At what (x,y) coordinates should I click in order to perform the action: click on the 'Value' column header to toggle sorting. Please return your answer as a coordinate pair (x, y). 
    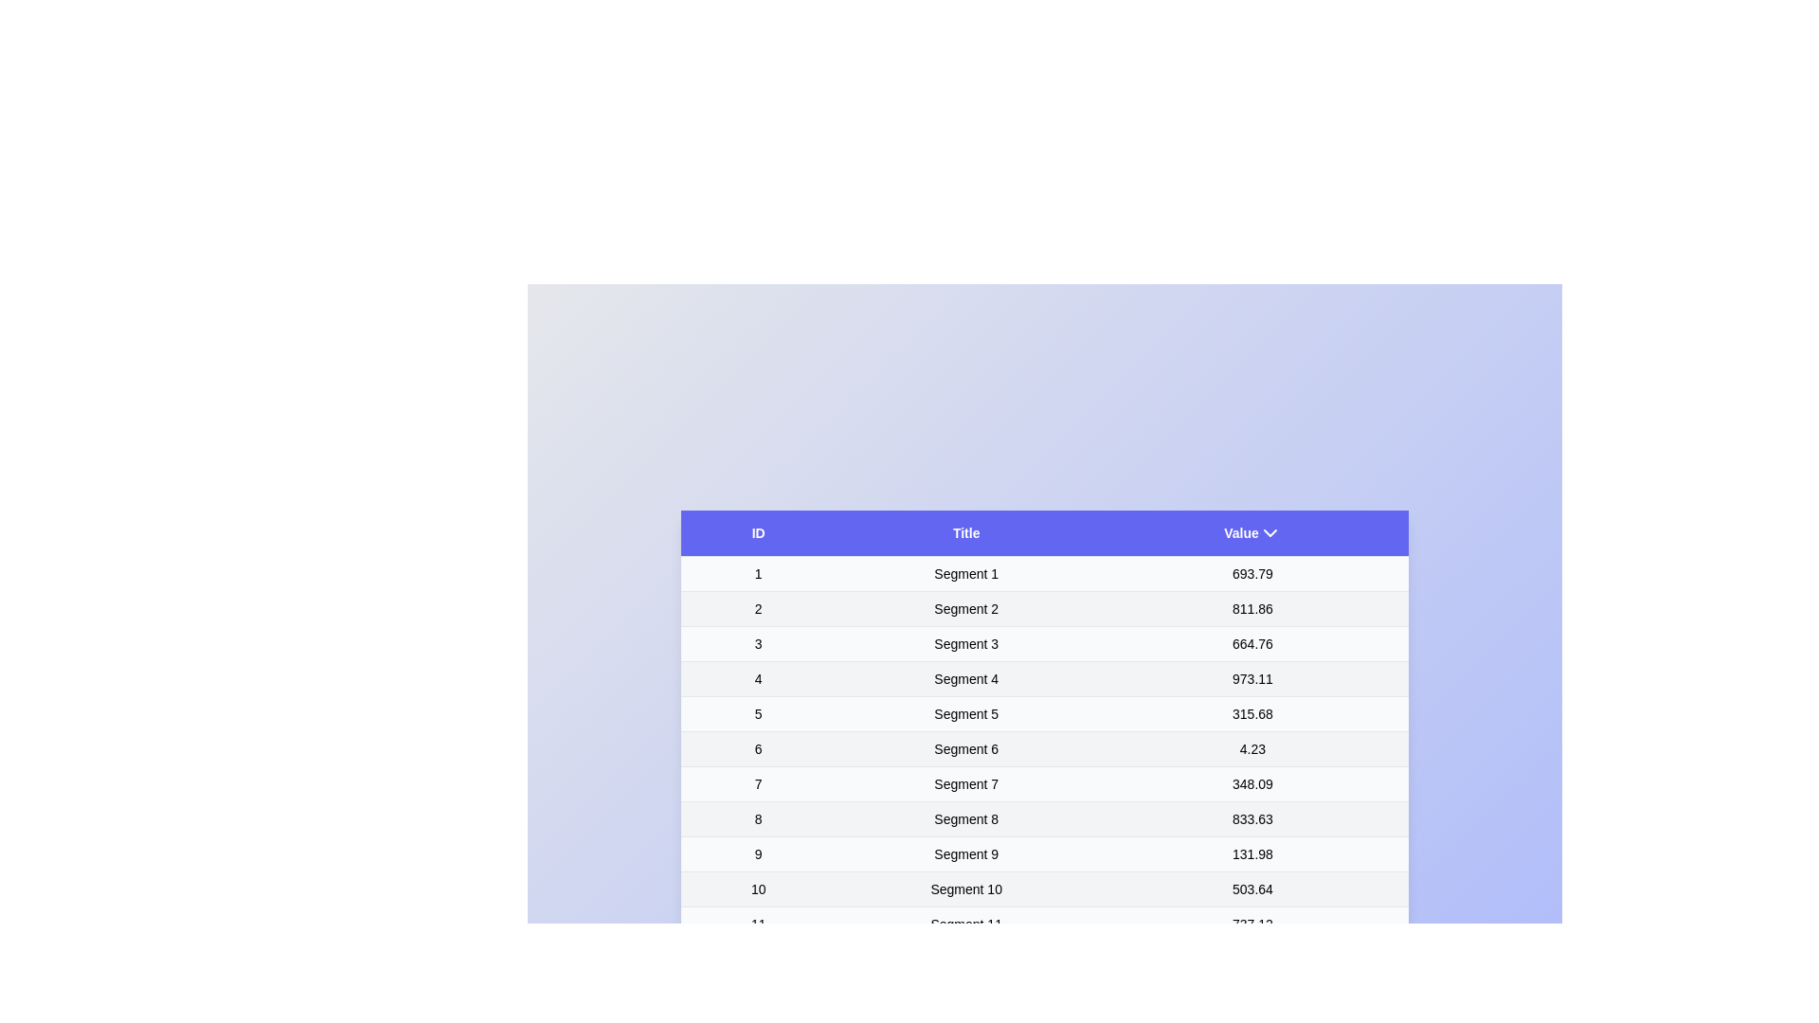
    Looking at the image, I should click on (1252, 532).